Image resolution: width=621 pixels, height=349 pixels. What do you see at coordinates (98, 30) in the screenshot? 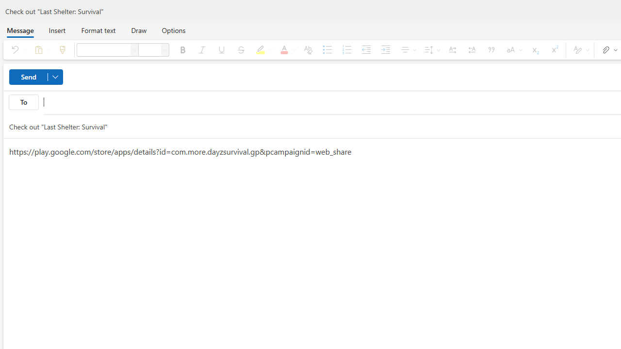
I see `'Format text'` at bounding box center [98, 30].